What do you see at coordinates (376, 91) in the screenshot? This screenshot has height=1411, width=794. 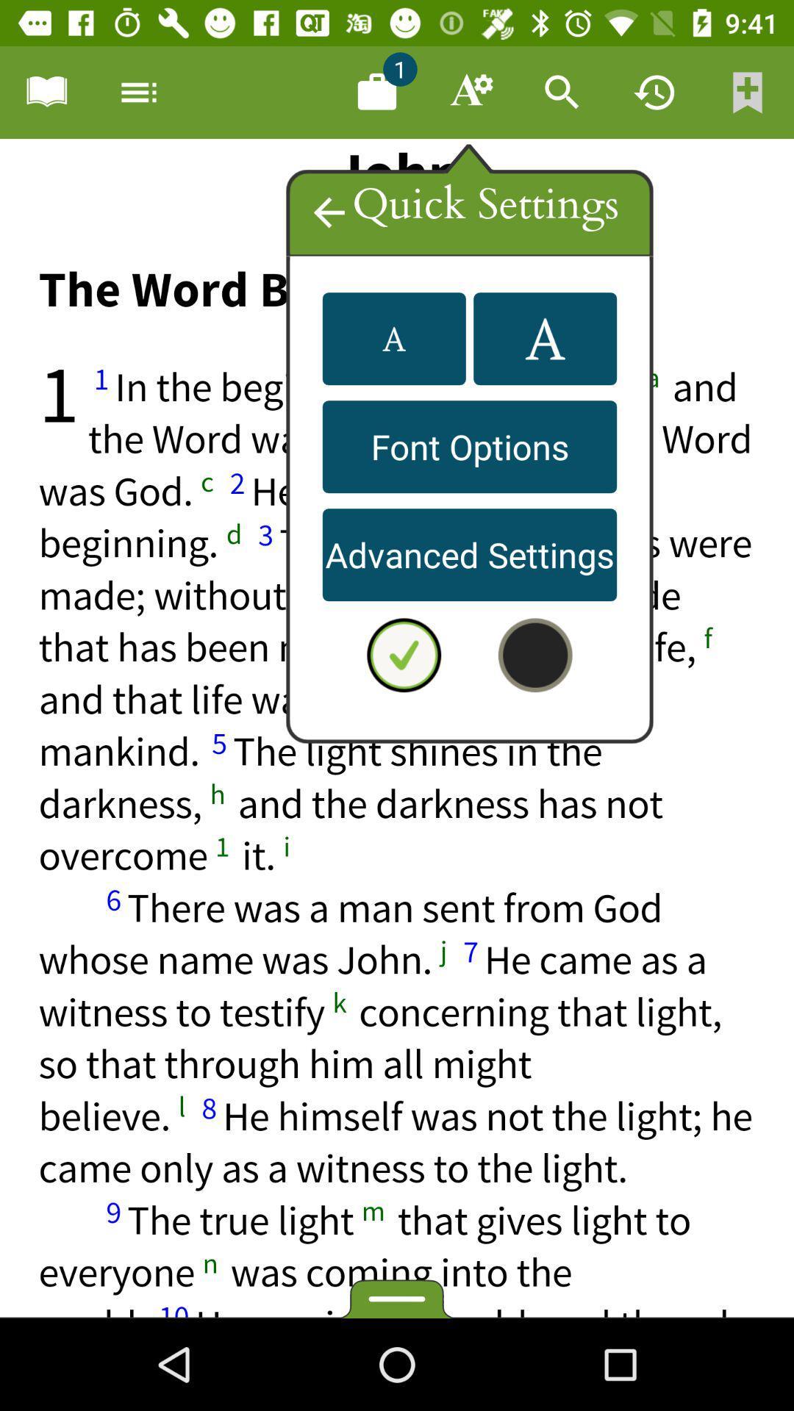 I see `notification suitcase` at bounding box center [376, 91].